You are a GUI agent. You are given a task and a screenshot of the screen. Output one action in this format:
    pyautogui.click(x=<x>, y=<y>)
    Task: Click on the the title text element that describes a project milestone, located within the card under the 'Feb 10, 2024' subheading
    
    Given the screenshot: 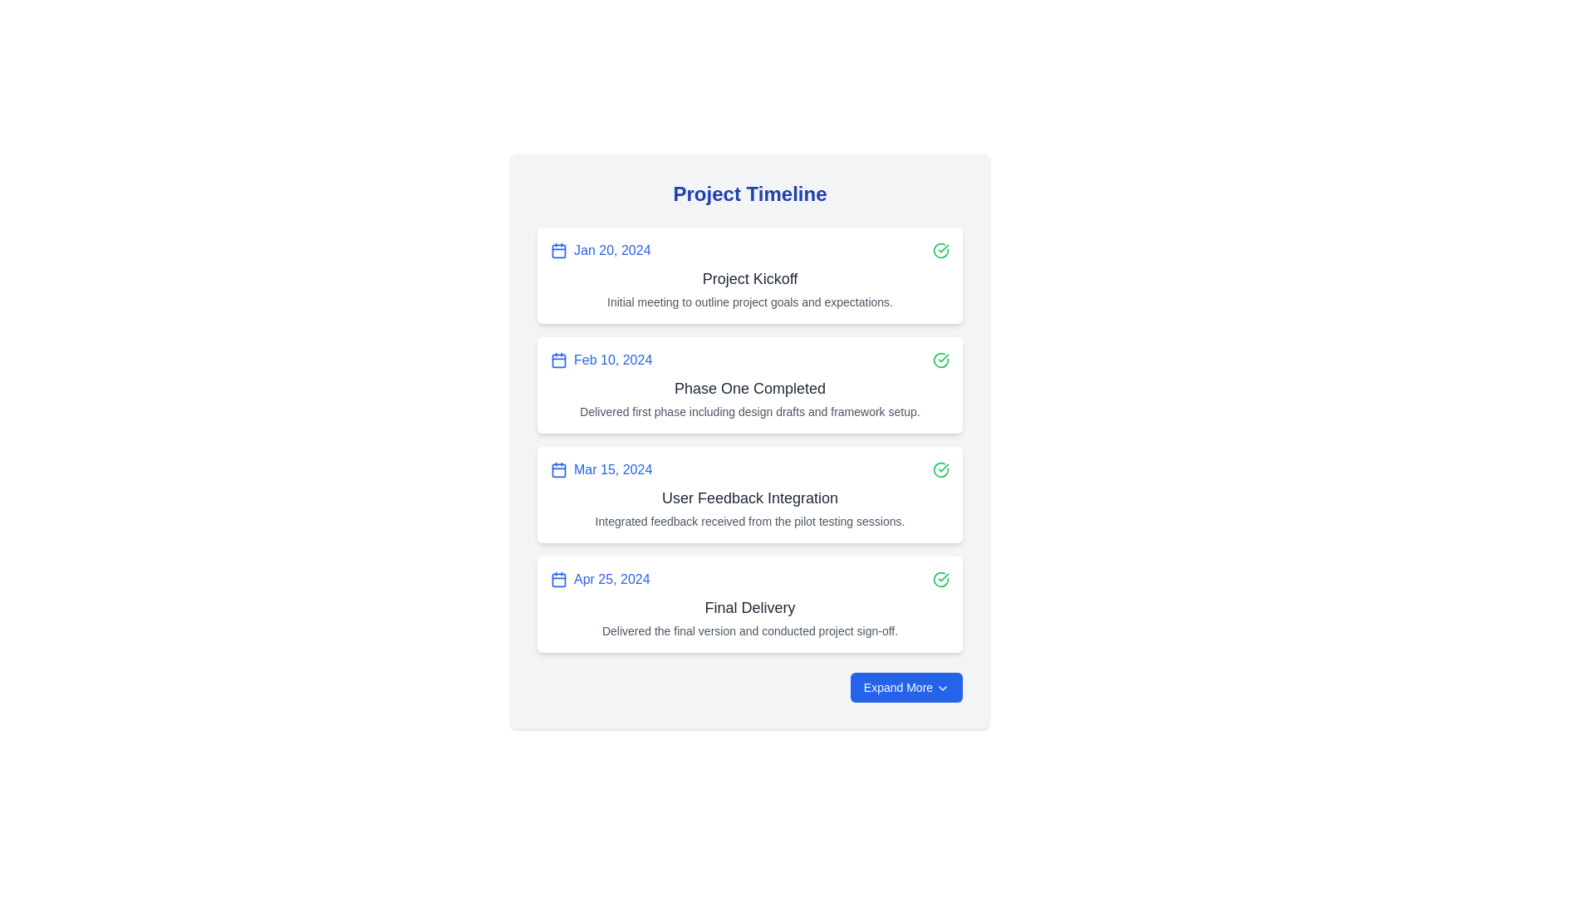 What is the action you would take?
    pyautogui.click(x=748, y=388)
    